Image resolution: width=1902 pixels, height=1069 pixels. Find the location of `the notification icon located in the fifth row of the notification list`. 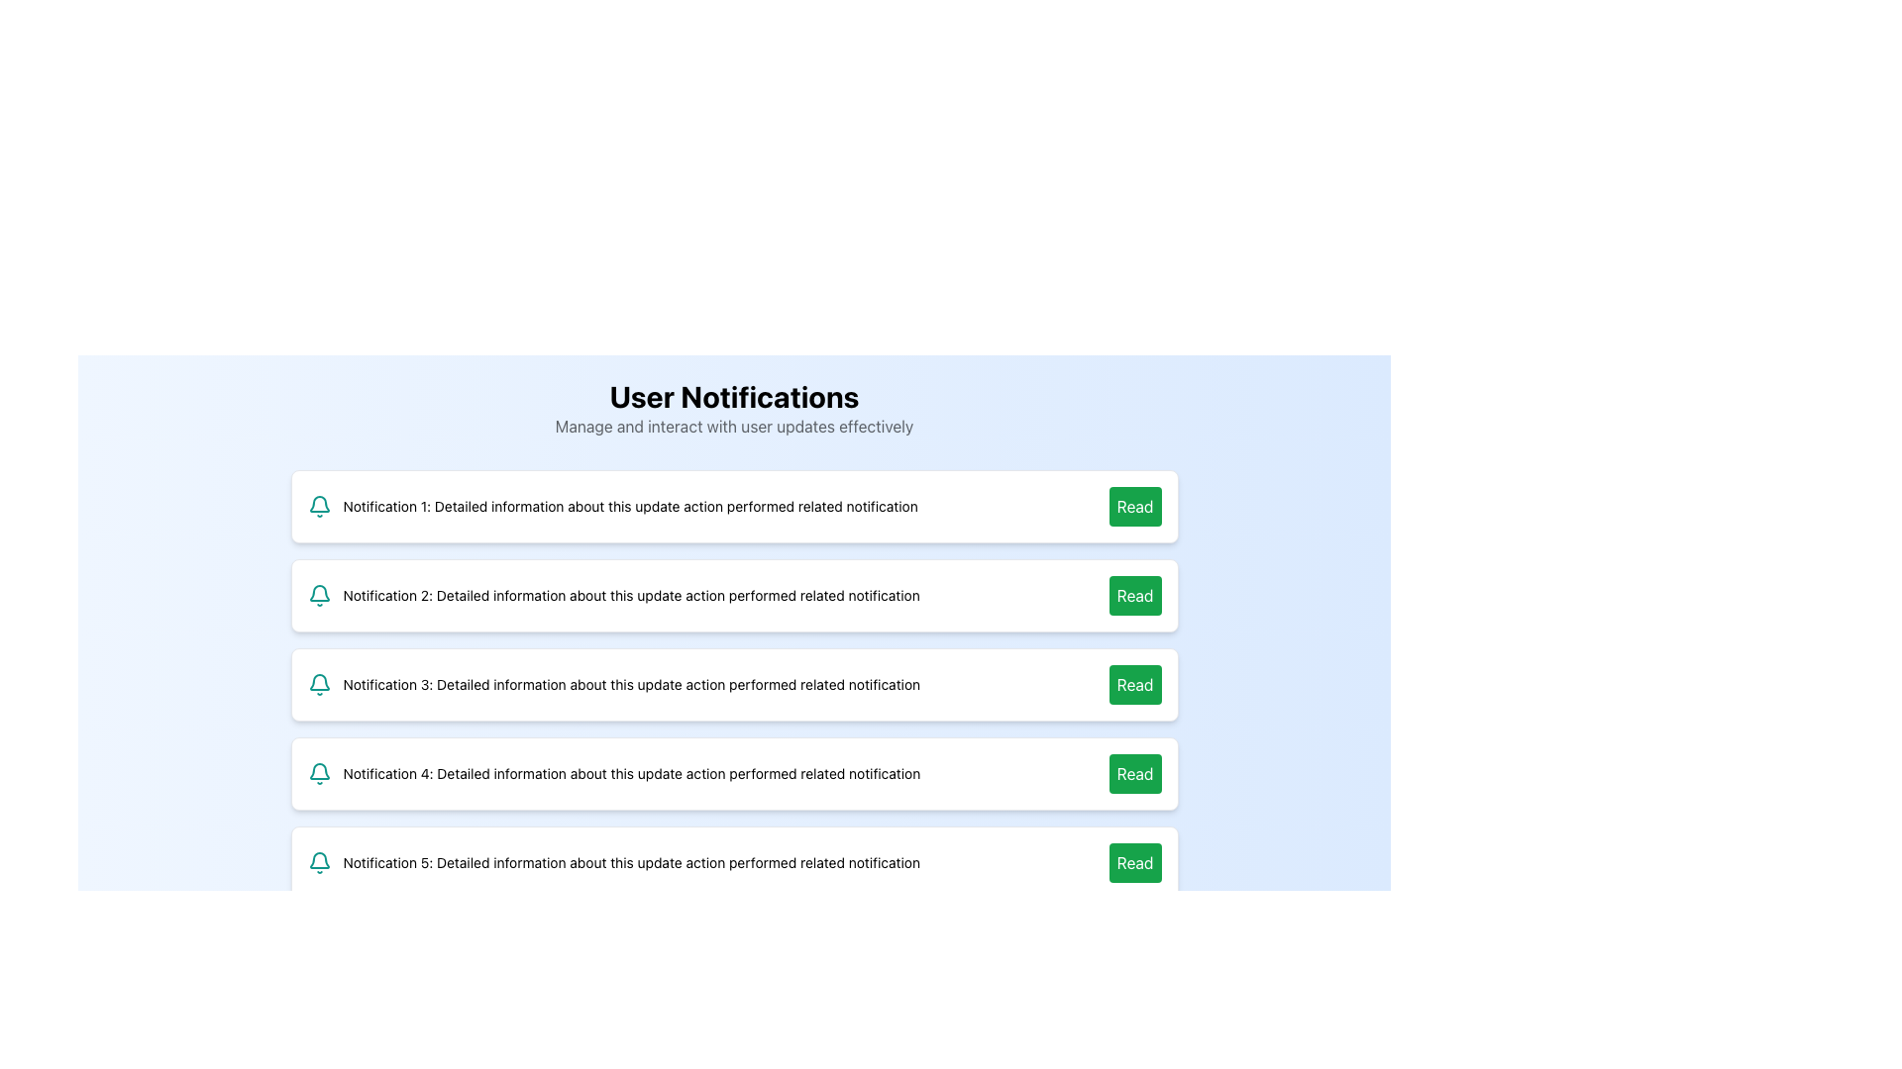

the notification icon located in the fifth row of the notification list is located at coordinates (319, 861).